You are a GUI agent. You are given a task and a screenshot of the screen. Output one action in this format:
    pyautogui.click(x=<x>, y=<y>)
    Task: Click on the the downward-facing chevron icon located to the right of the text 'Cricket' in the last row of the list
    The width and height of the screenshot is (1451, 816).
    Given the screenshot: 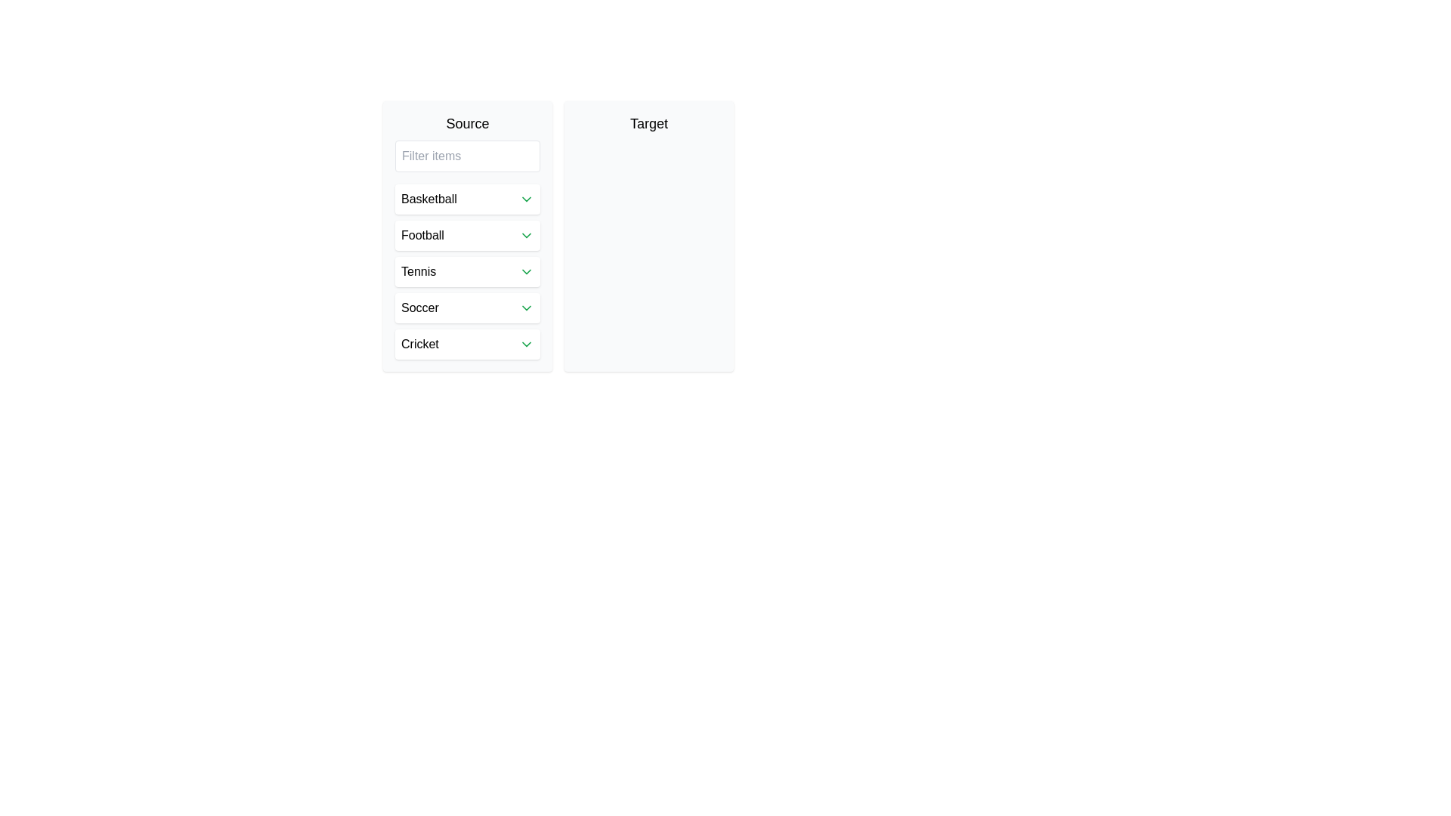 What is the action you would take?
    pyautogui.click(x=526, y=344)
    